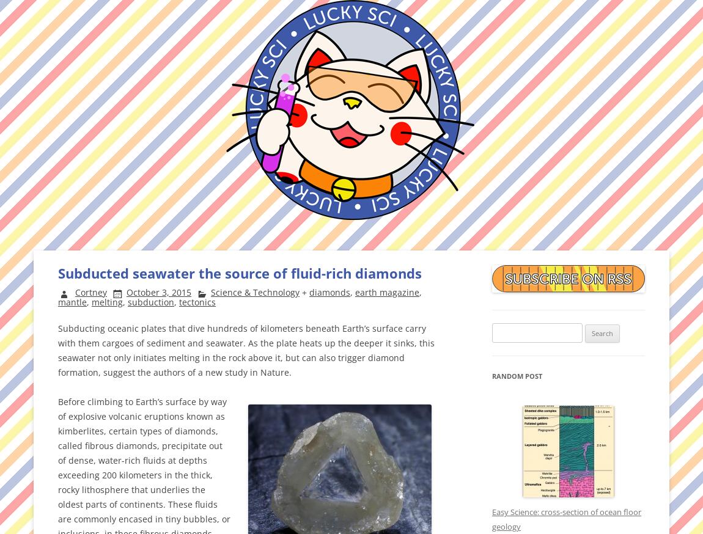 The width and height of the screenshot is (703, 534). Describe the element at coordinates (517, 375) in the screenshot. I see `'Random Post'` at that location.